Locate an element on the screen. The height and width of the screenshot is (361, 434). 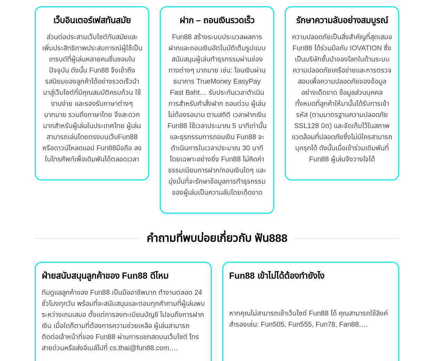
'จะดำเนินการในเวลาประมาณ 30 นาที โดยเฉพาะอย่างยิ่ง Fun88 ไม่คิดค่าธรรมเนียมการฝาก/ถอนเงินใดๆ และมุ่งมั่นที่จะรักษาข้อมูลการทำธุรกรรมของผู้เล่นเป็นความลับโดยเด็ดขาด' is located at coordinates (216, 165).